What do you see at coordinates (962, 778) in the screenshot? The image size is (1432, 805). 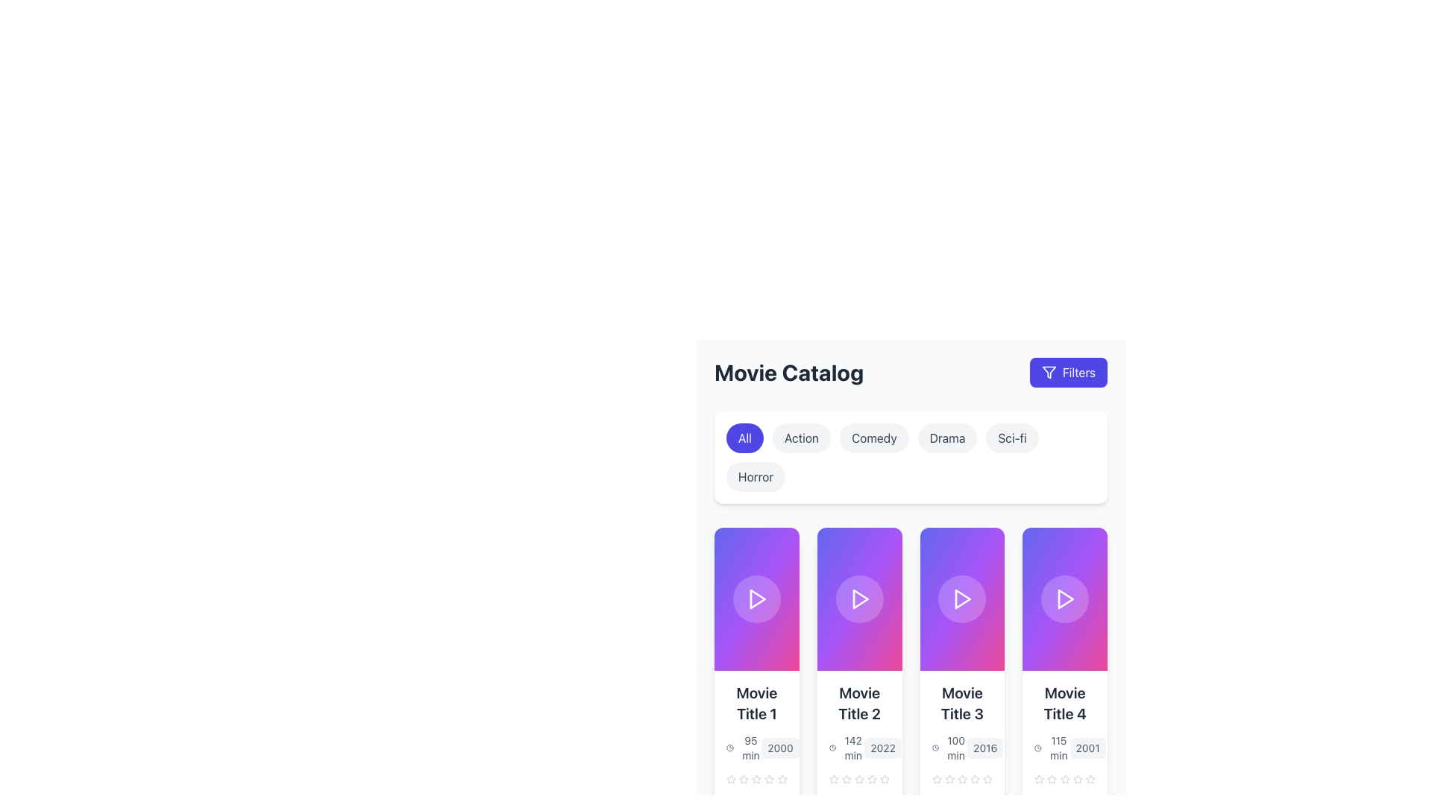 I see `the star rating component below 'Movie Title 3' to set a rating` at bounding box center [962, 778].